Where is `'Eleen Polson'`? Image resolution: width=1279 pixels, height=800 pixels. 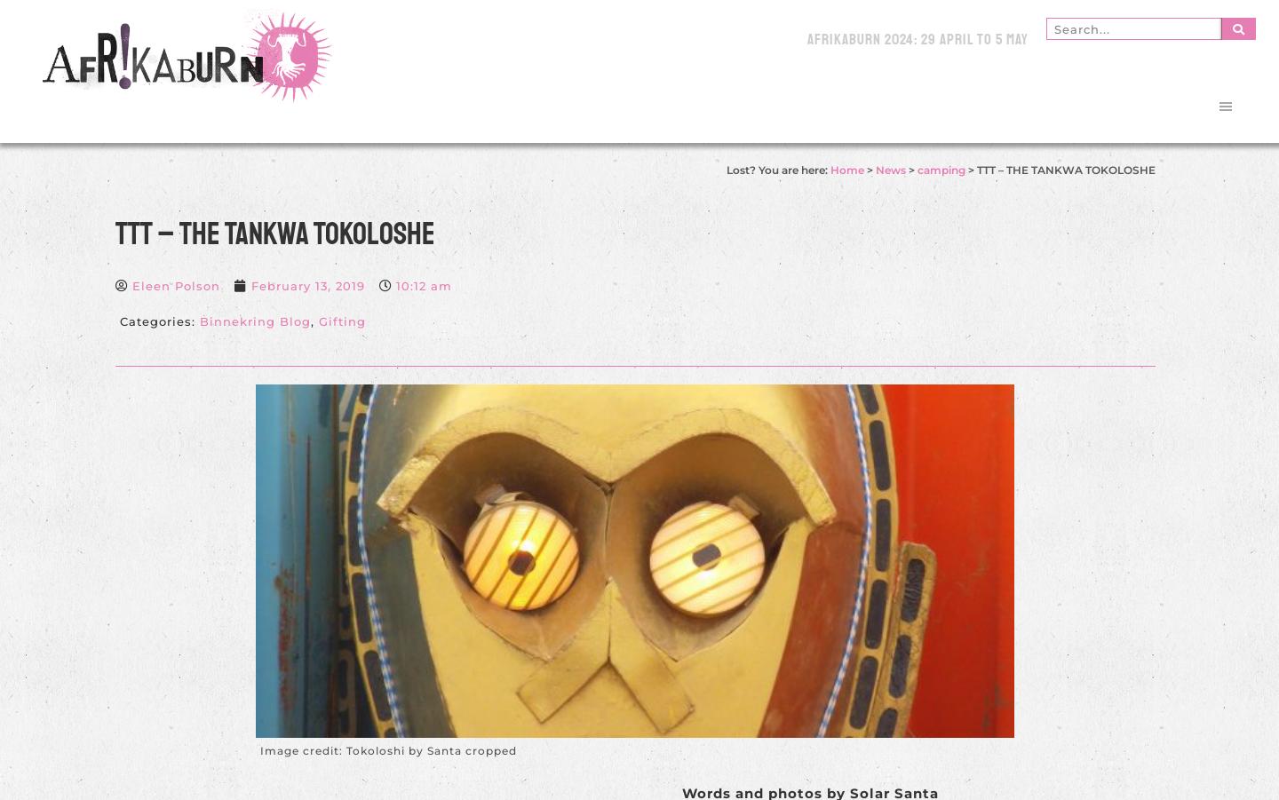
'Eleen Polson' is located at coordinates (175, 286).